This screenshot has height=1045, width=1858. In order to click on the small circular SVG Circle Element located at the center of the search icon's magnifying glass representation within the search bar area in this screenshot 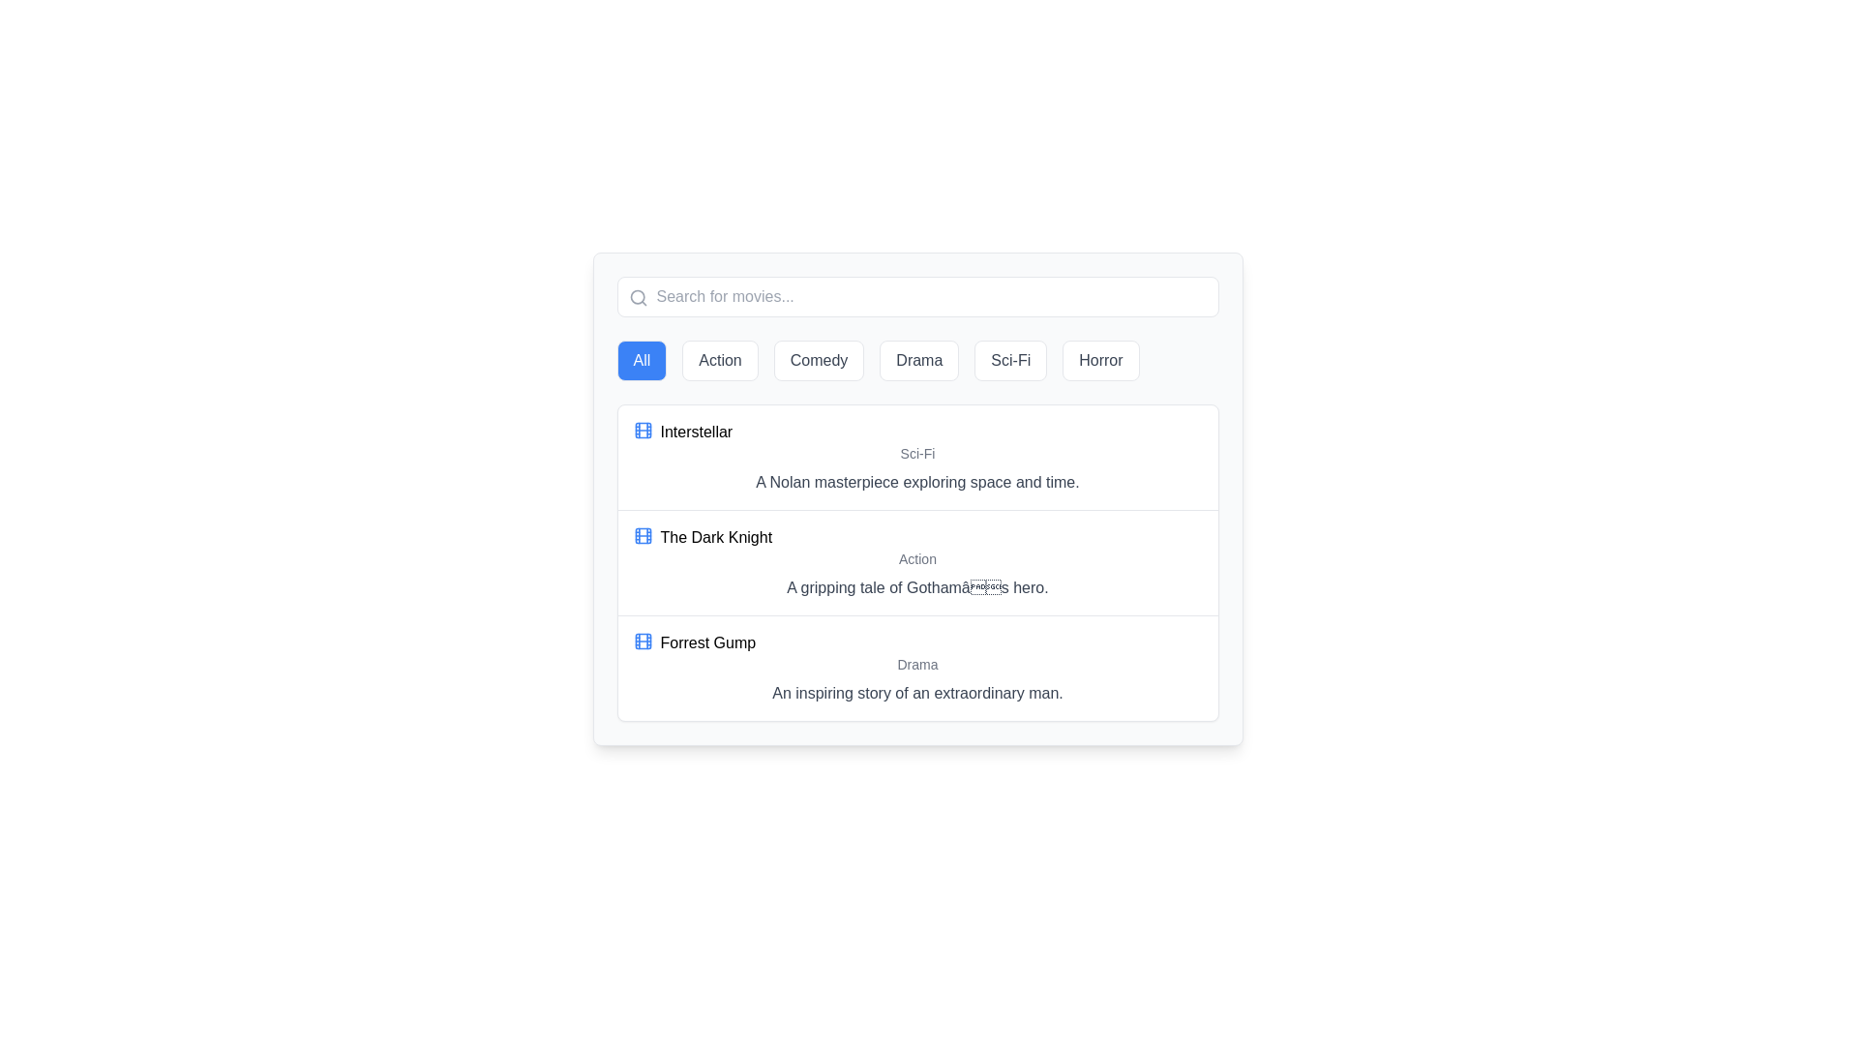, I will do `click(637, 297)`.